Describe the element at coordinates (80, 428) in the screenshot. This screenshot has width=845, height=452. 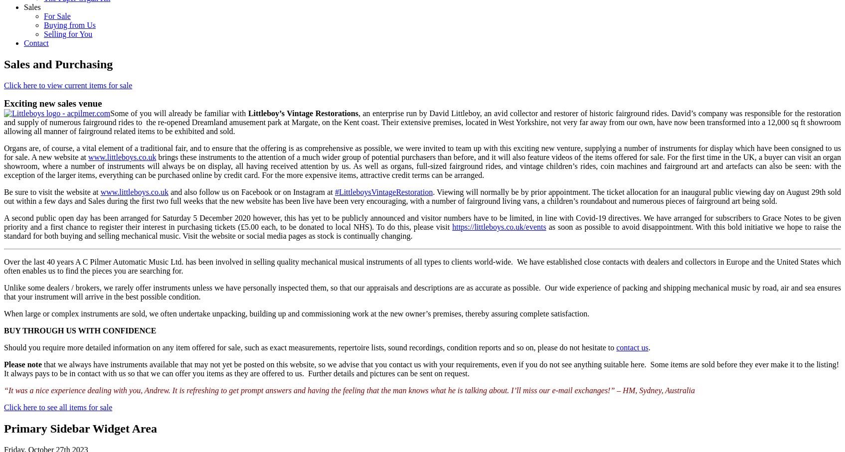
I see `'Primary Sidebar Widget Area'` at that location.